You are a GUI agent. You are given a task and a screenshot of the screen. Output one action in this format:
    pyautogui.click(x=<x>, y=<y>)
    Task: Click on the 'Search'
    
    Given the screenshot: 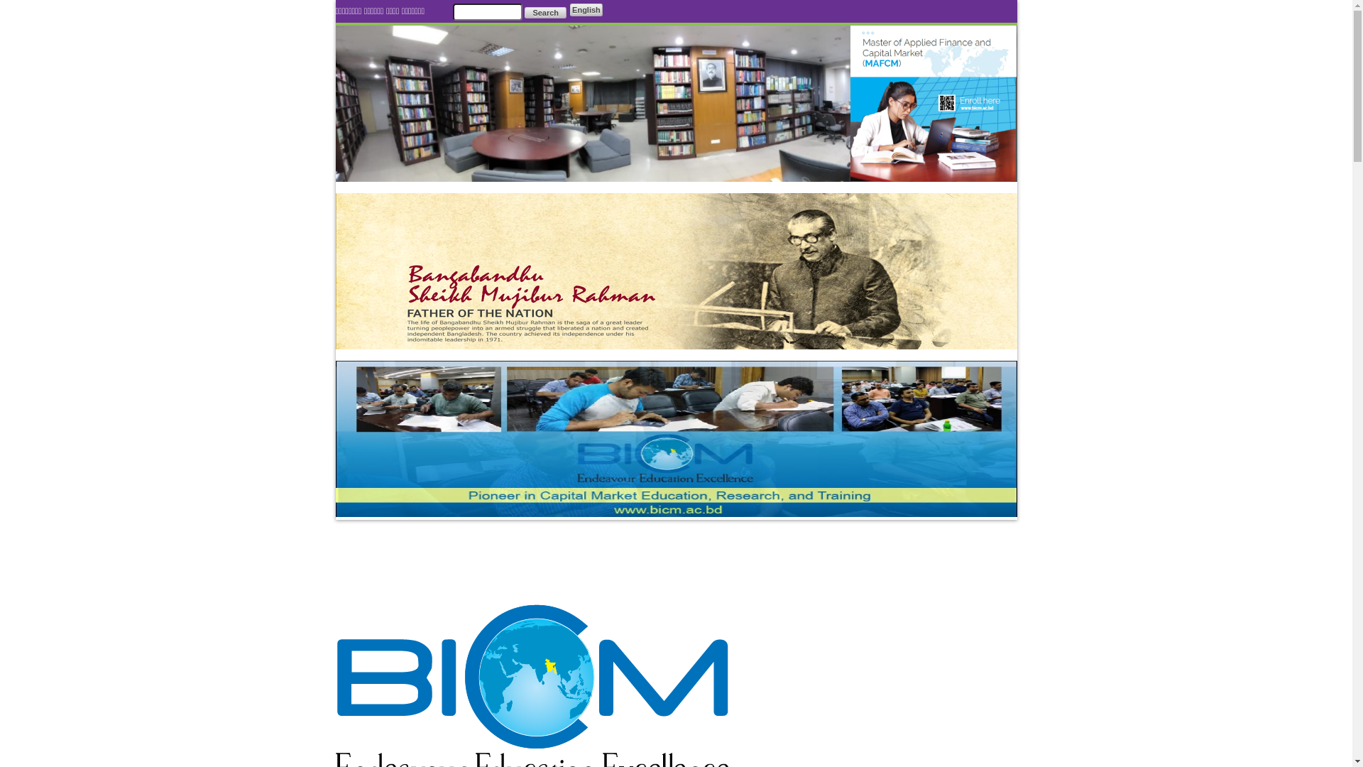 What is the action you would take?
    pyautogui.click(x=544, y=13)
    